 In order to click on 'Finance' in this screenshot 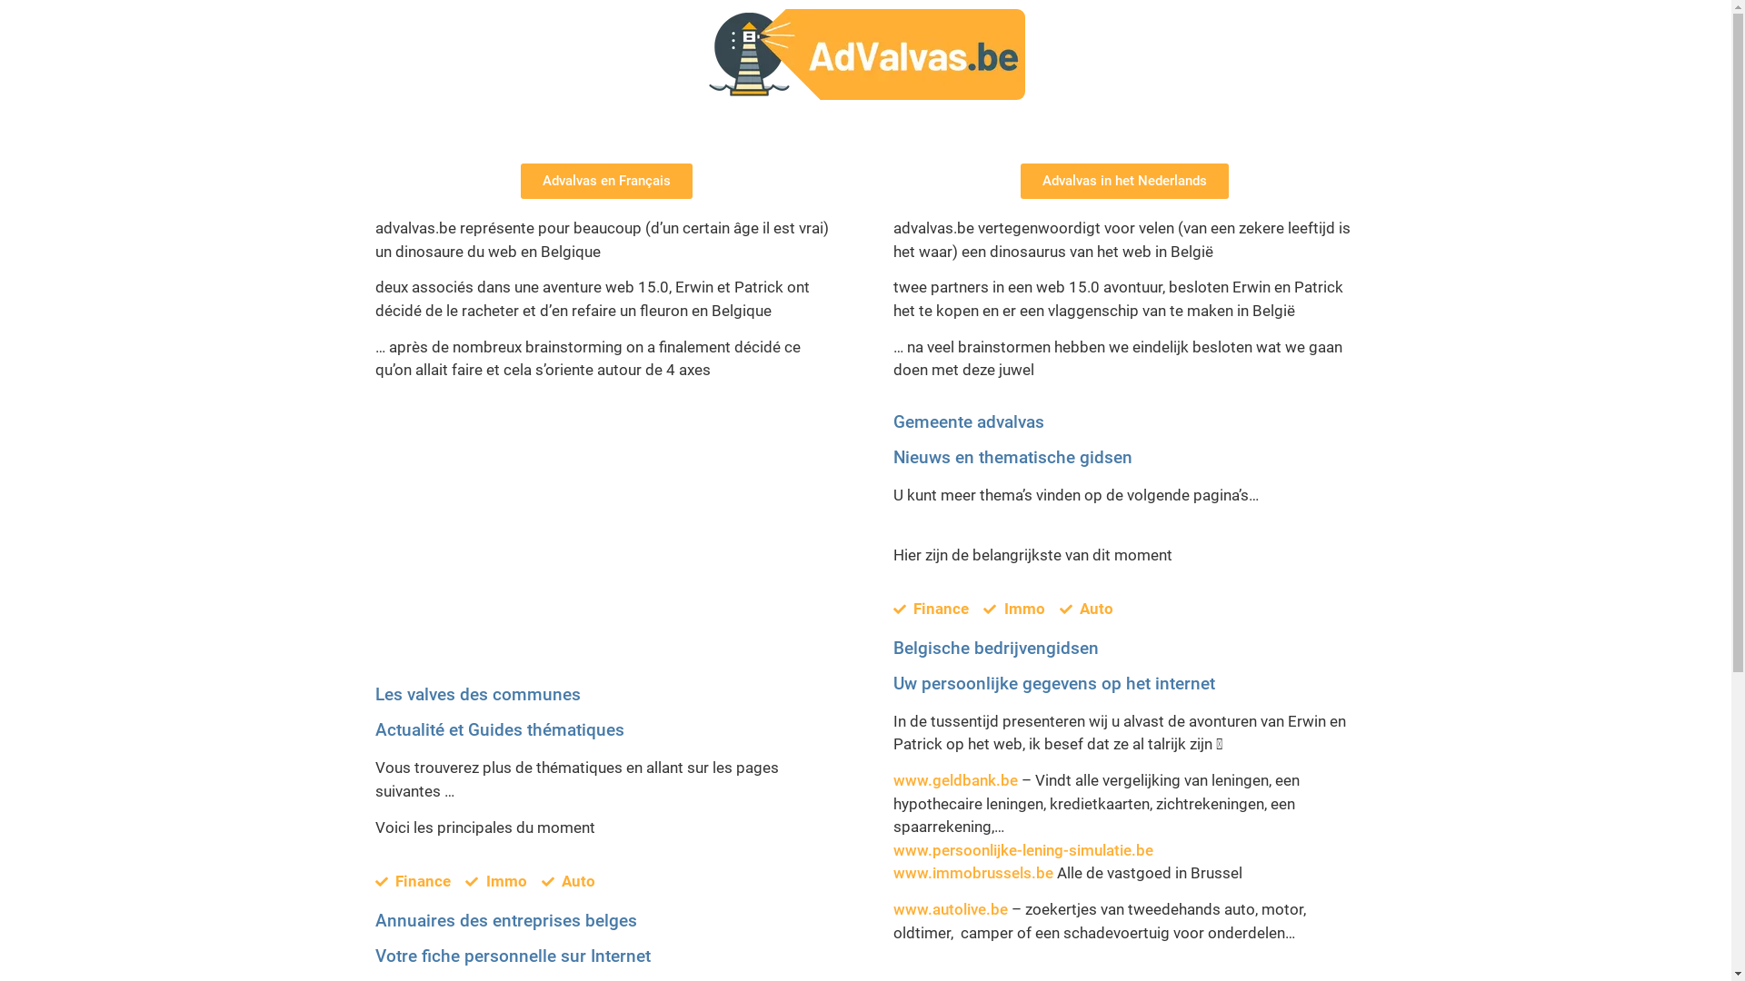, I will do `click(412, 881)`.